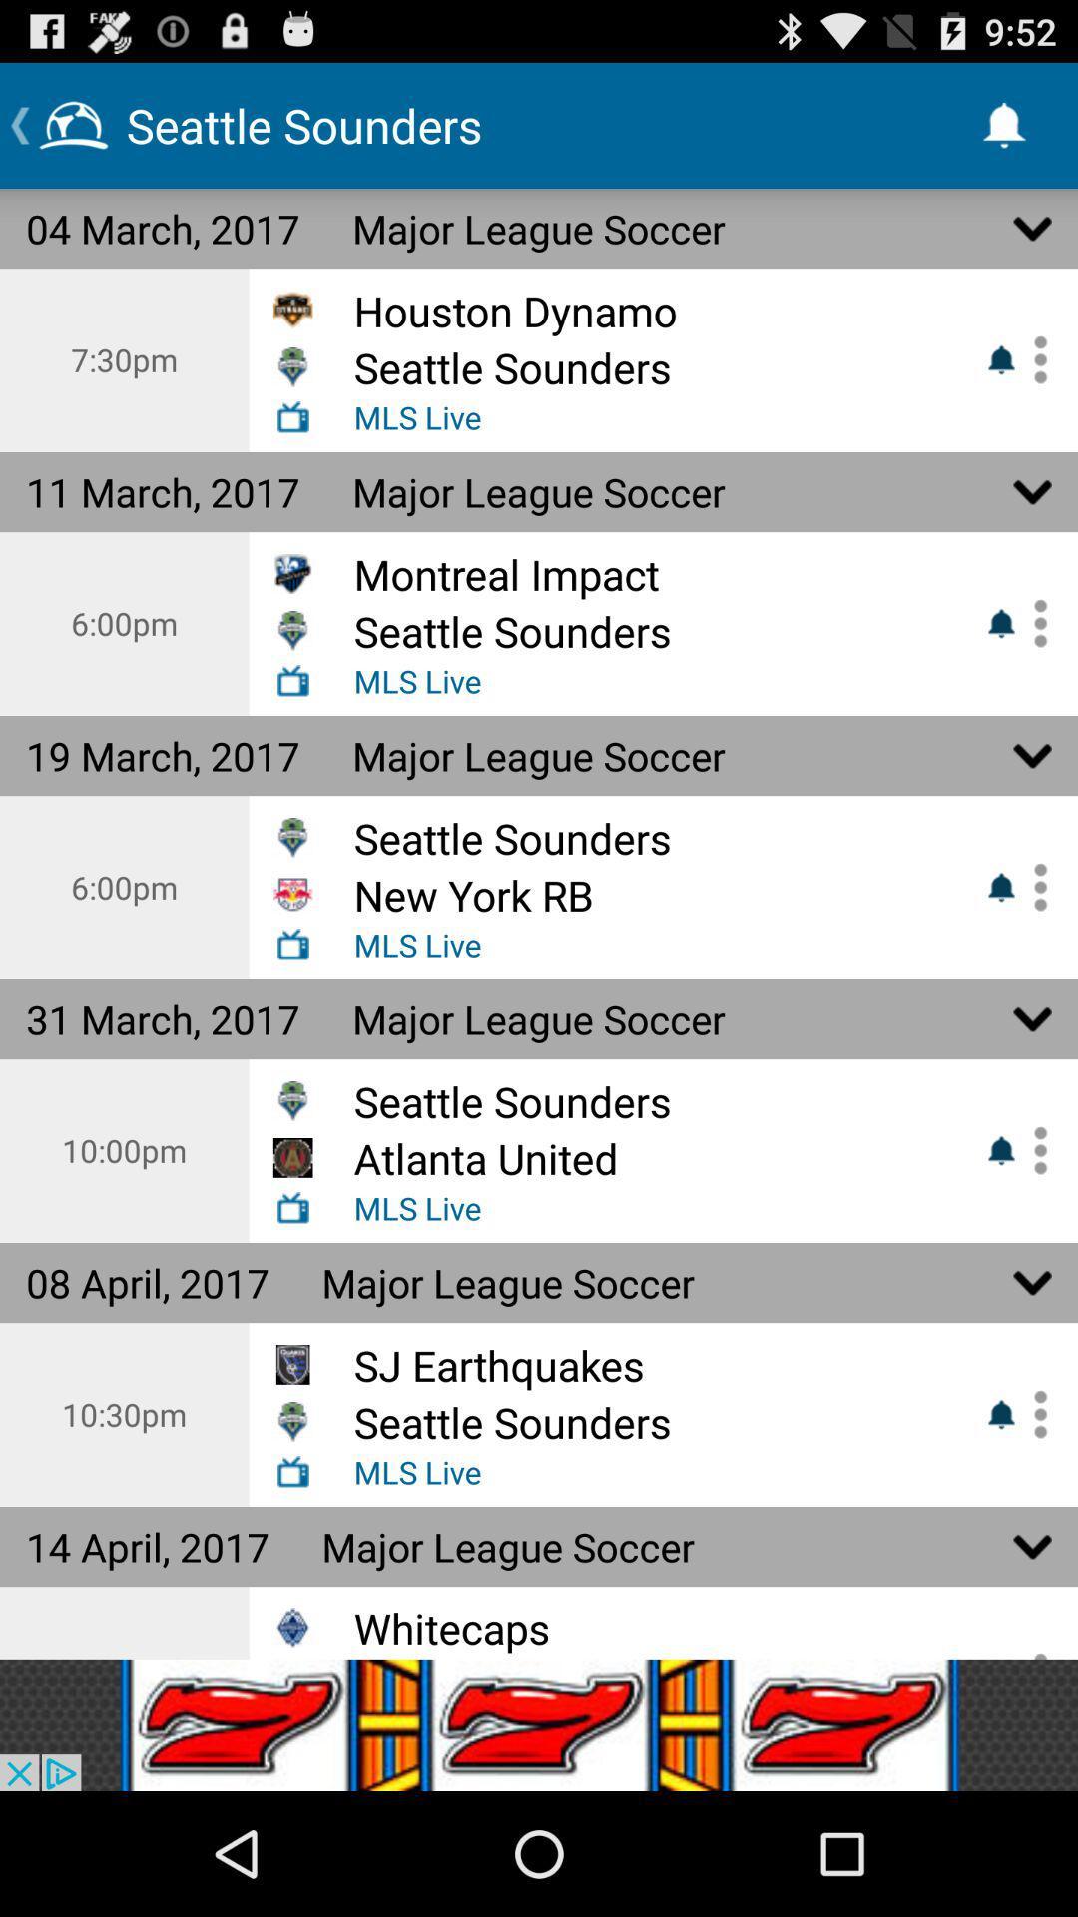  Describe the element at coordinates (1033, 622) in the screenshot. I see `show more detials` at that location.